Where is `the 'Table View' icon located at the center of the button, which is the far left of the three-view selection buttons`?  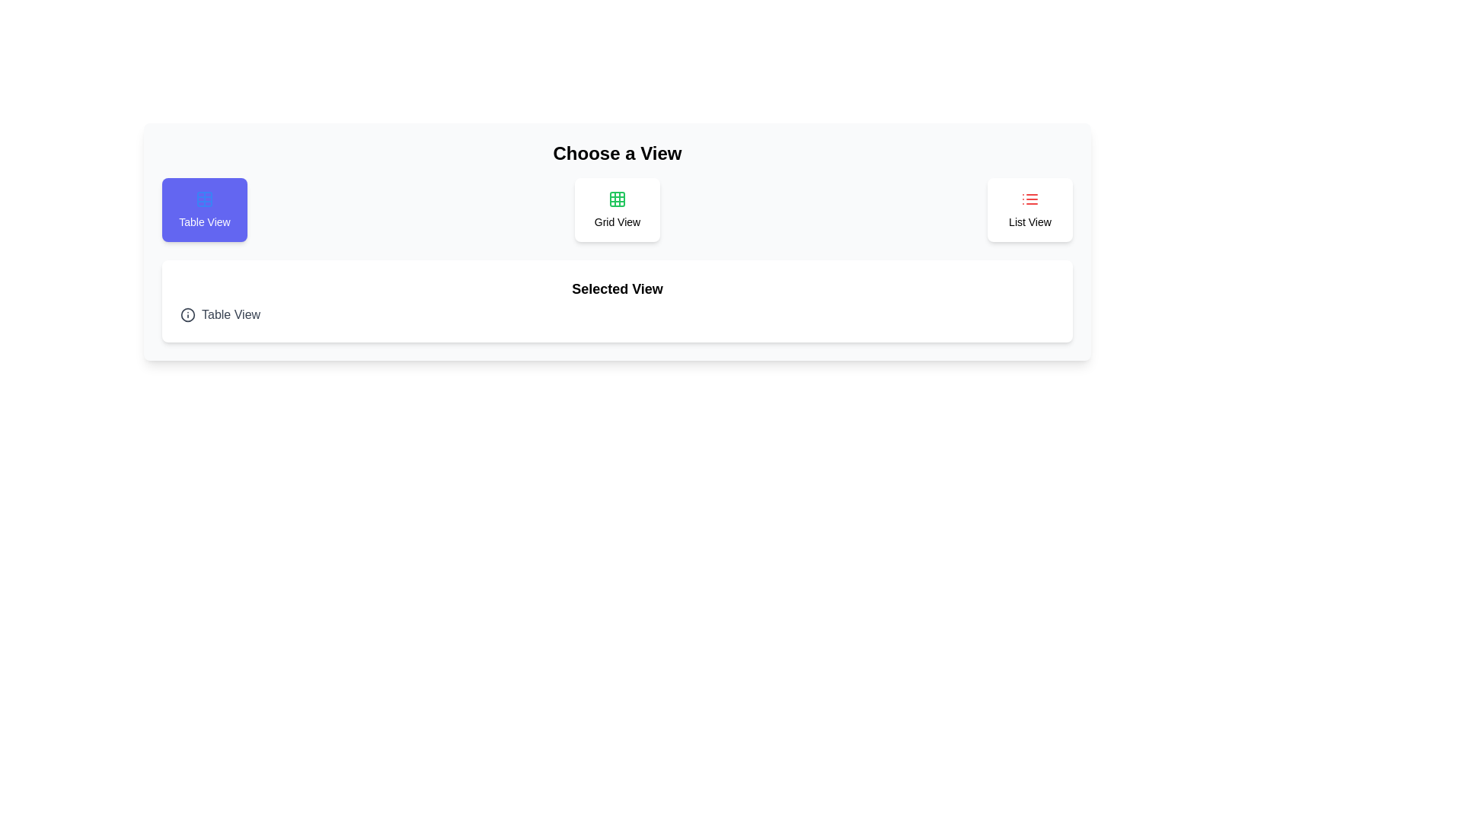 the 'Table View' icon located at the center of the button, which is the far left of the three-view selection buttons is located at coordinates (203, 199).